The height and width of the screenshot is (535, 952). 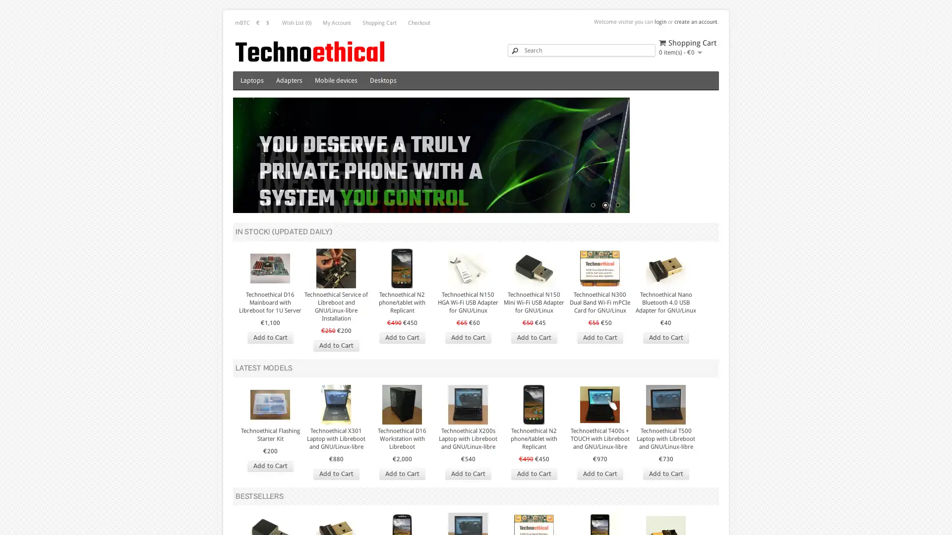 I want to click on Add to Cart, so click(x=533, y=506).